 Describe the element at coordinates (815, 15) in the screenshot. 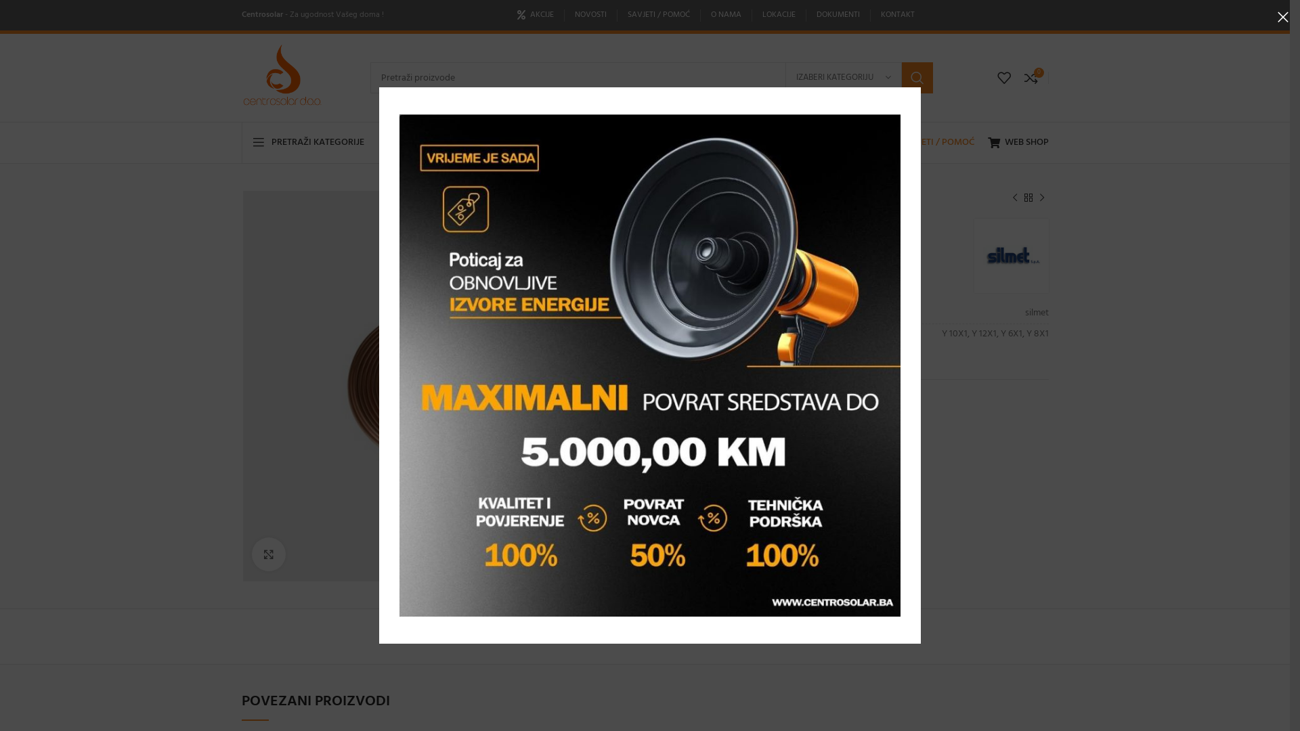

I see `'DOKUMENTI'` at that location.